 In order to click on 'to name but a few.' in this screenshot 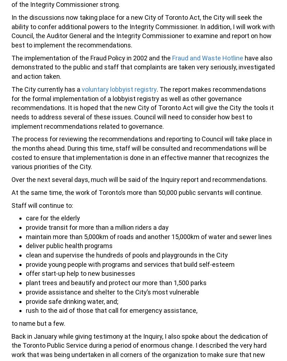, I will do `click(11, 323)`.